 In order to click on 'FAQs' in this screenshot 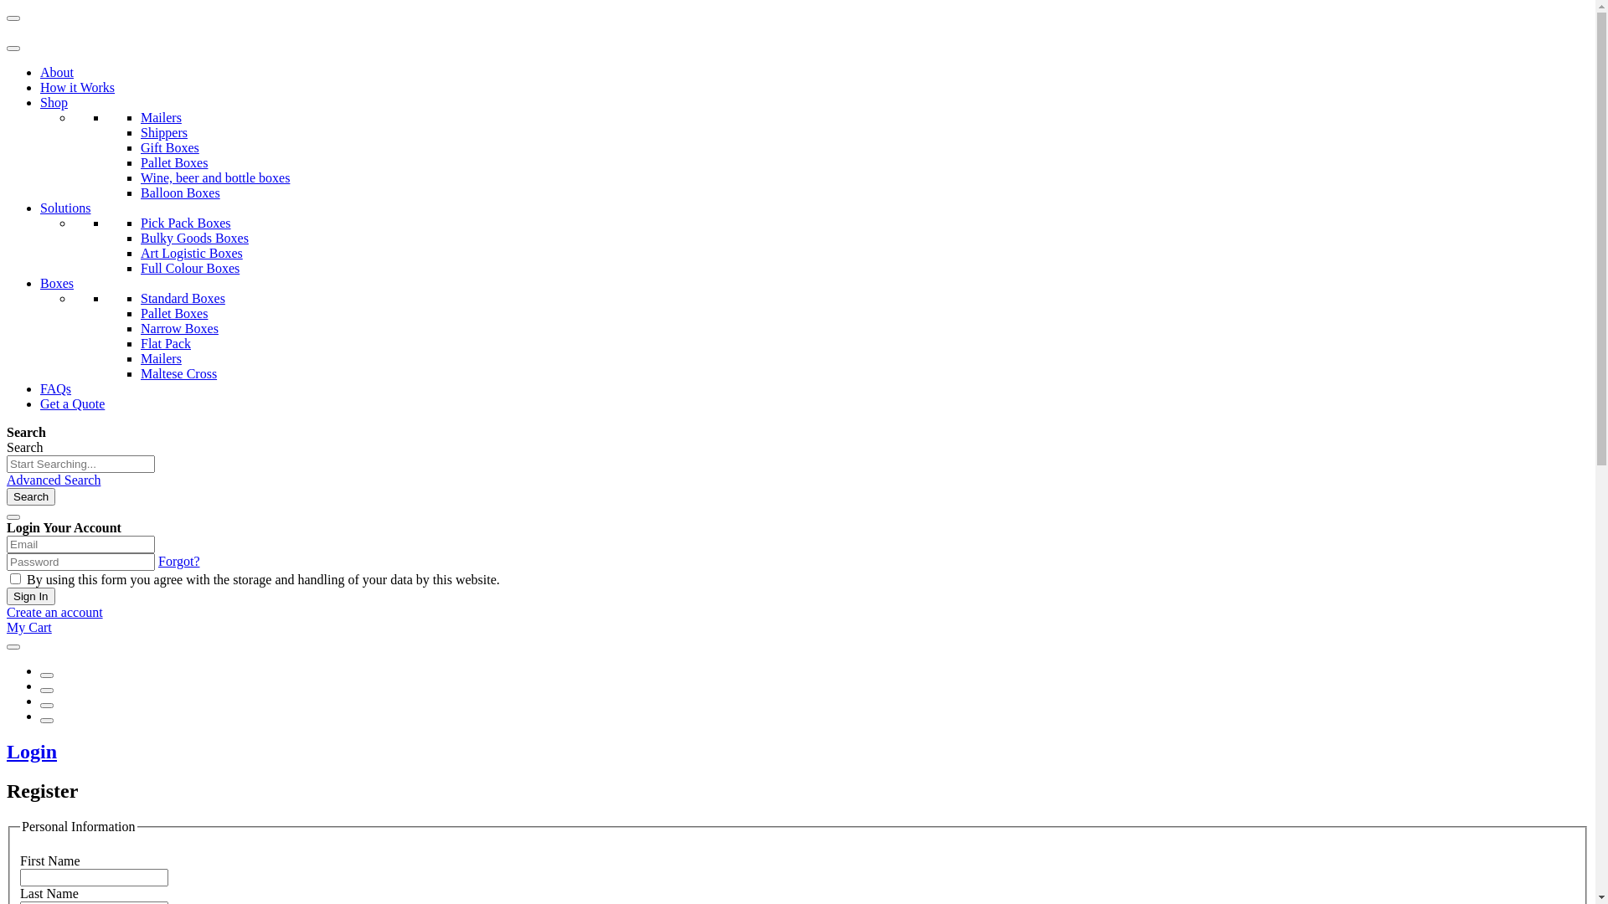, I will do `click(40, 388)`.